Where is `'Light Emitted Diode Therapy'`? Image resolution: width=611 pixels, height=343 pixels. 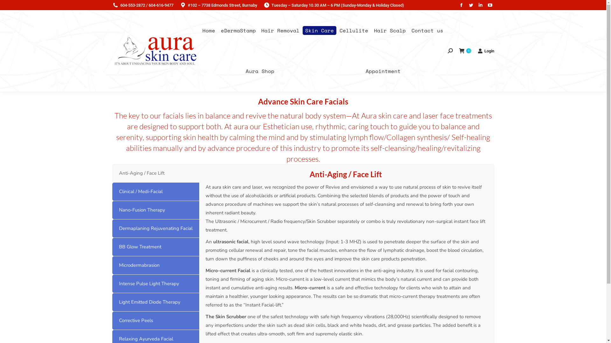
'Light Emitted Diode Therapy' is located at coordinates (155, 302).